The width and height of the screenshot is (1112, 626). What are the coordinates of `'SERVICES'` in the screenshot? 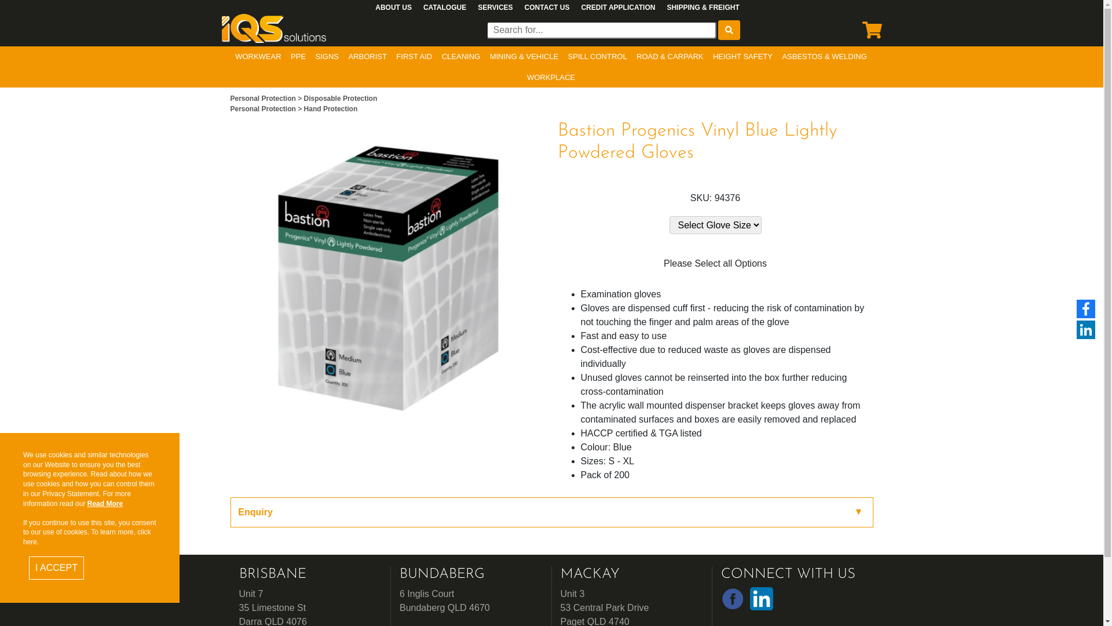 It's located at (495, 7).